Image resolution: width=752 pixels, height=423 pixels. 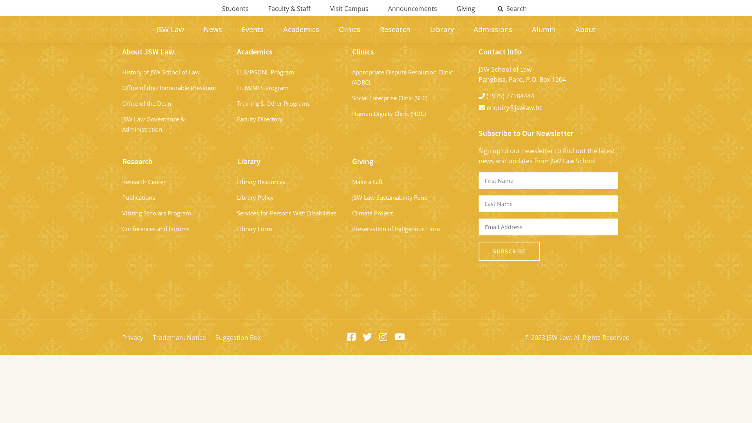 What do you see at coordinates (213, 29) in the screenshot?
I see `'News'` at bounding box center [213, 29].